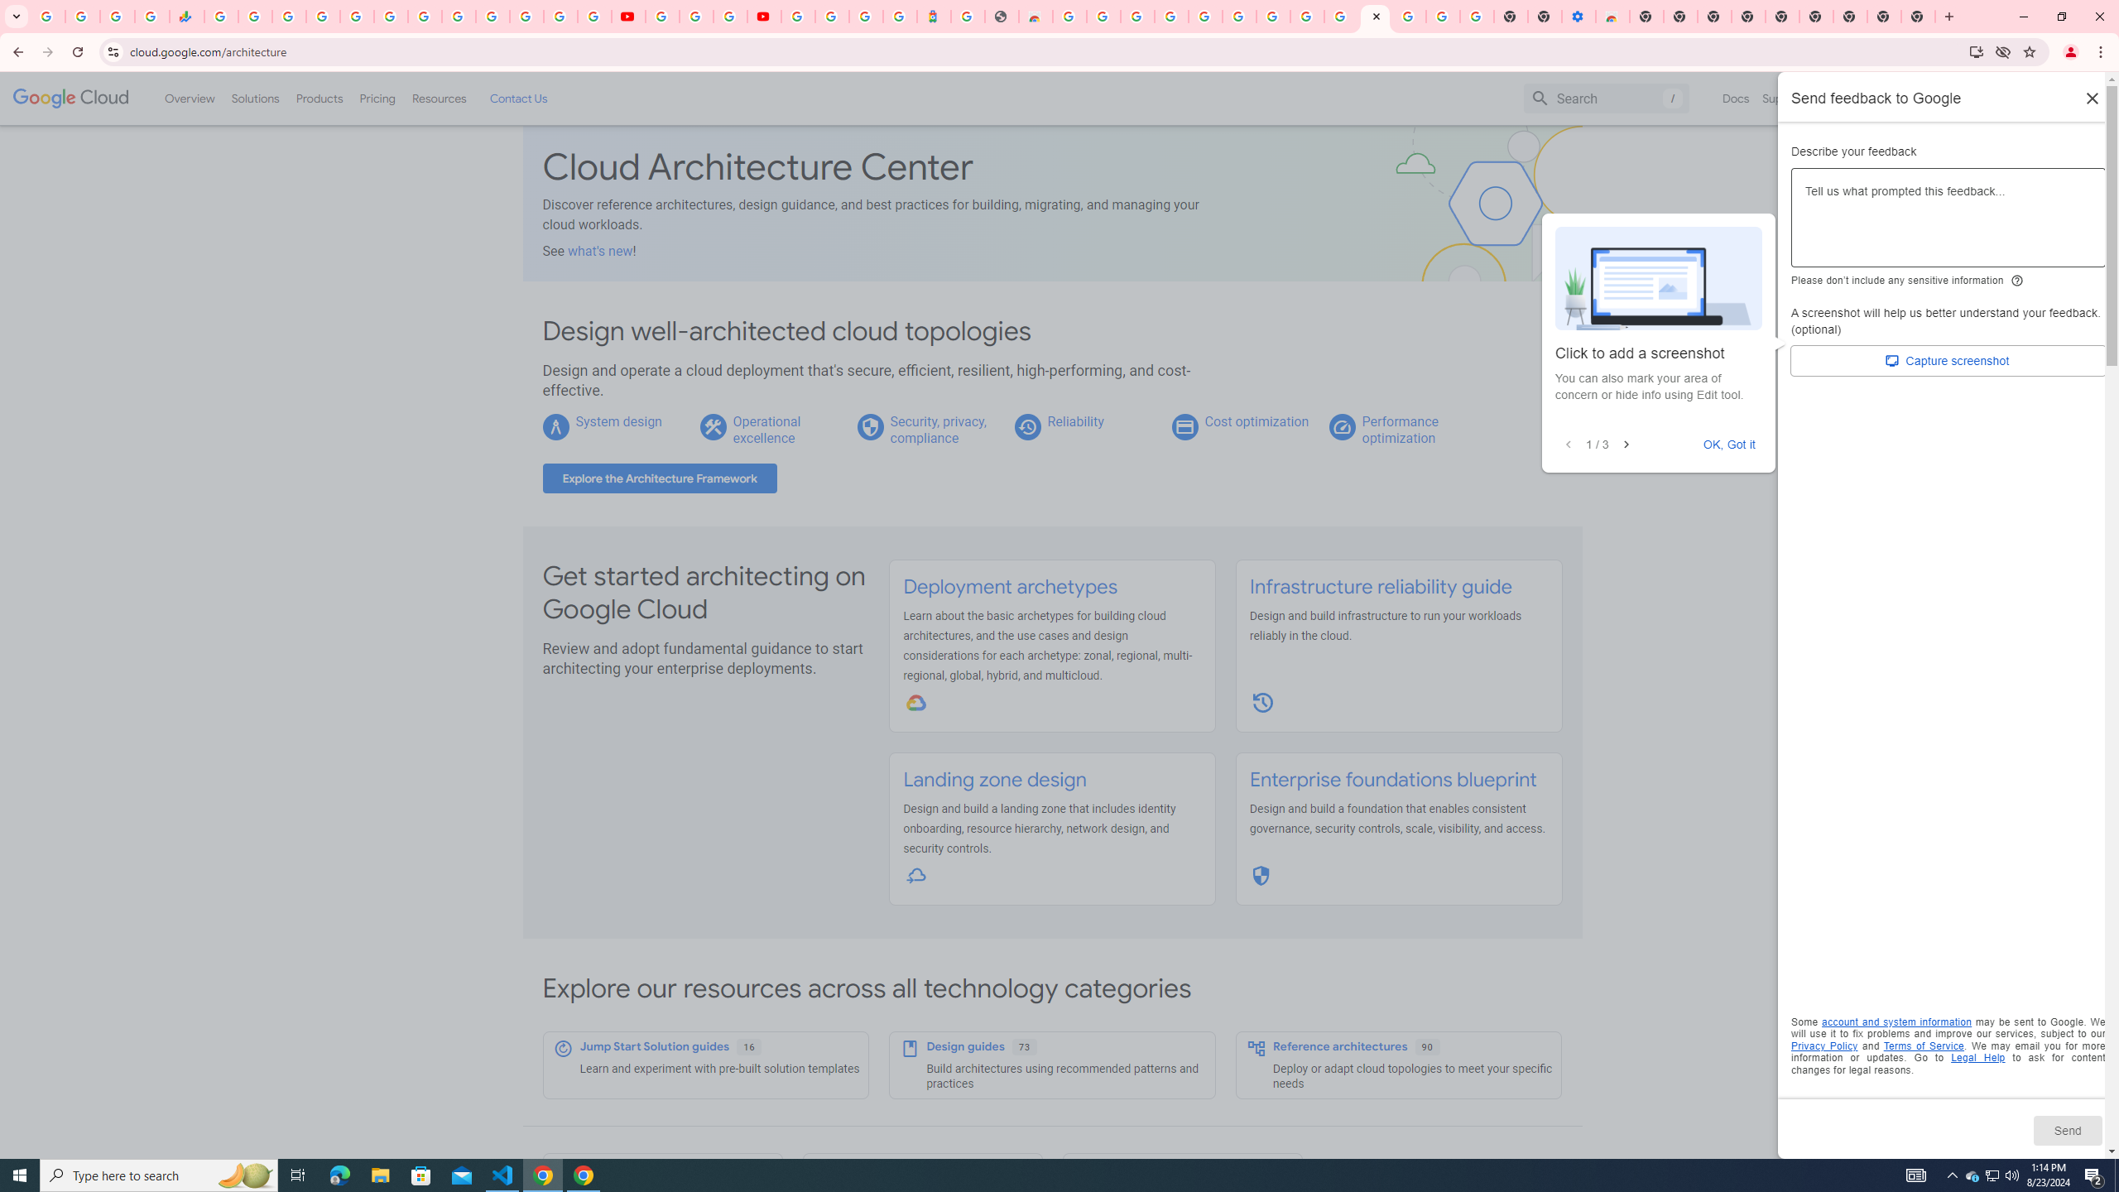 The height and width of the screenshot is (1192, 2119). Describe the element at coordinates (932, 16) in the screenshot. I see `'Atour Hotel - Google hotels'` at that location.